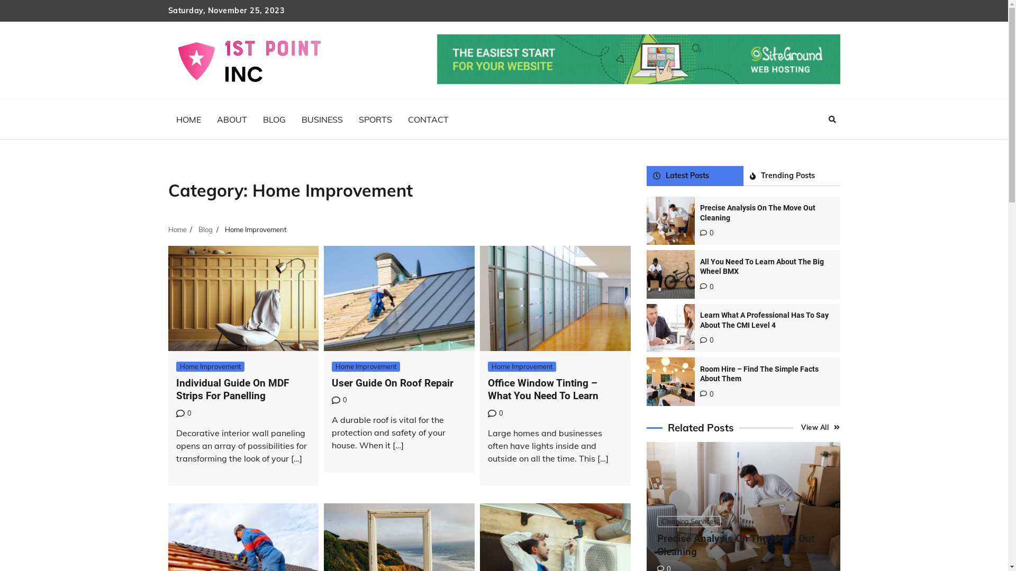 Image resolution: width=1016 pixels, height=571 pixels. Describe the element at coordinates (695, 175) in the screenshot. I see `'Latest Posts'` at that location.